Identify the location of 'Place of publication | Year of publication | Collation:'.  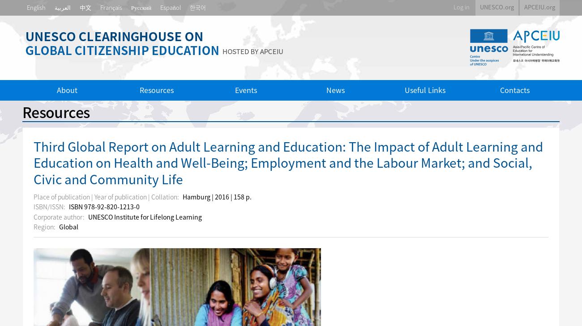
(106, 196).